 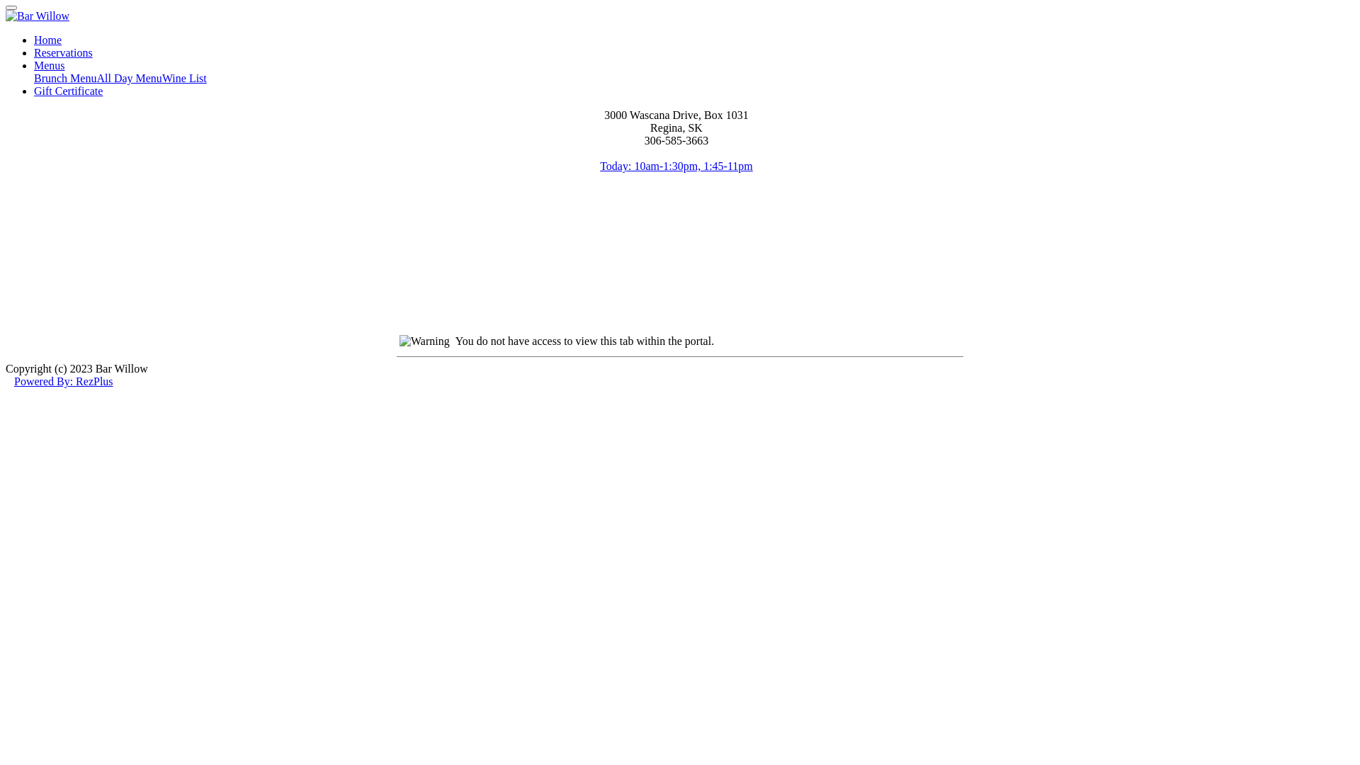 I want to click on 'All Day Menu', so click(x=129, y=78).